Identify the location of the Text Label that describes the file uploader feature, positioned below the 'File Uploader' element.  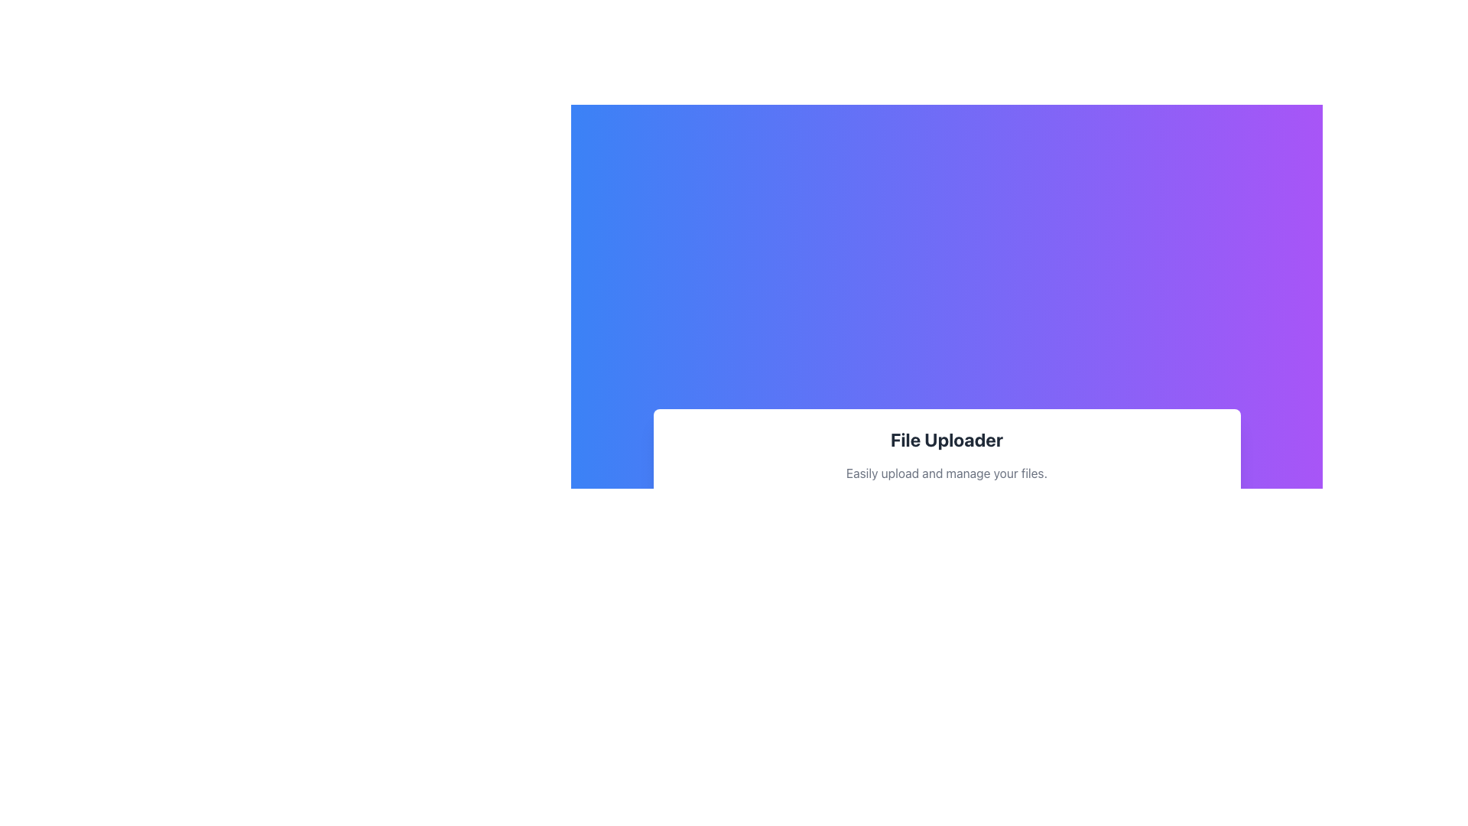
(946, 472).